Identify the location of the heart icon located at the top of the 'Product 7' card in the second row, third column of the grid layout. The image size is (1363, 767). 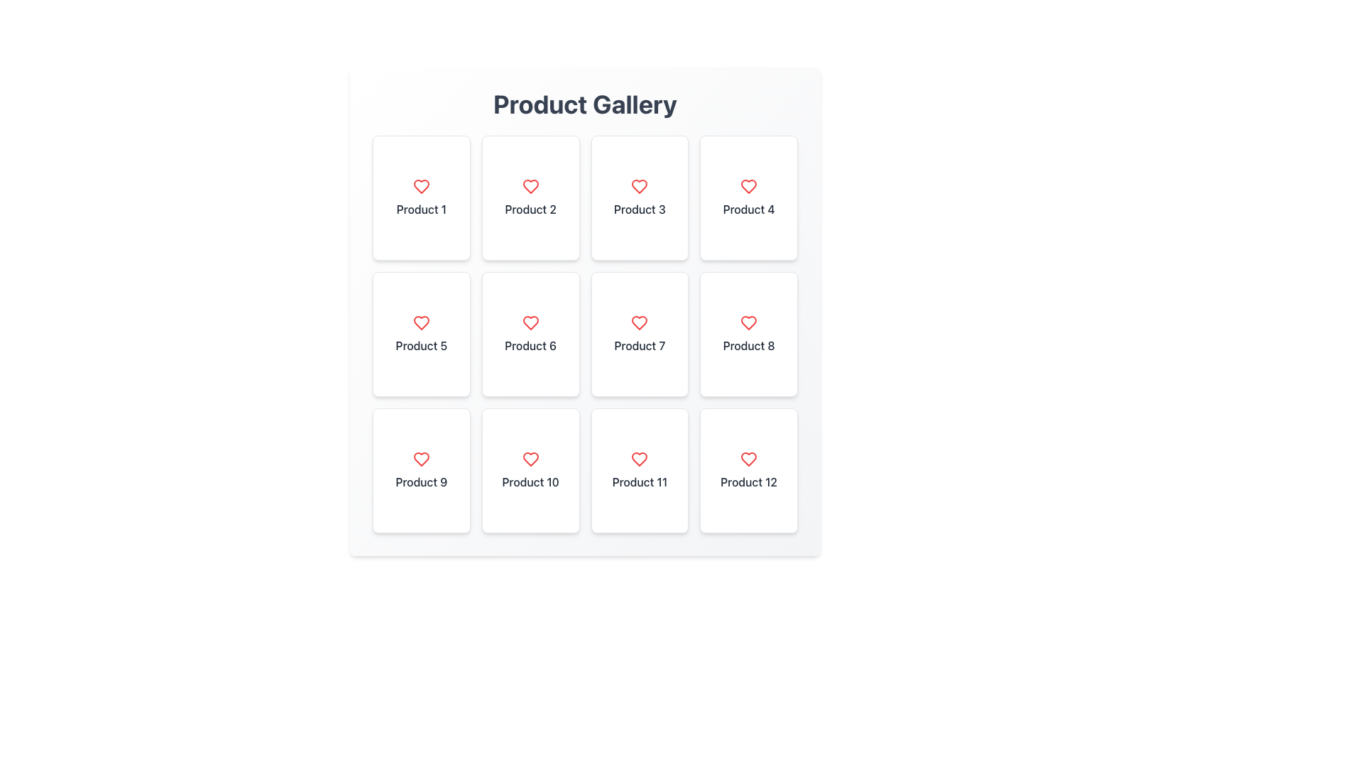
(639, 323).